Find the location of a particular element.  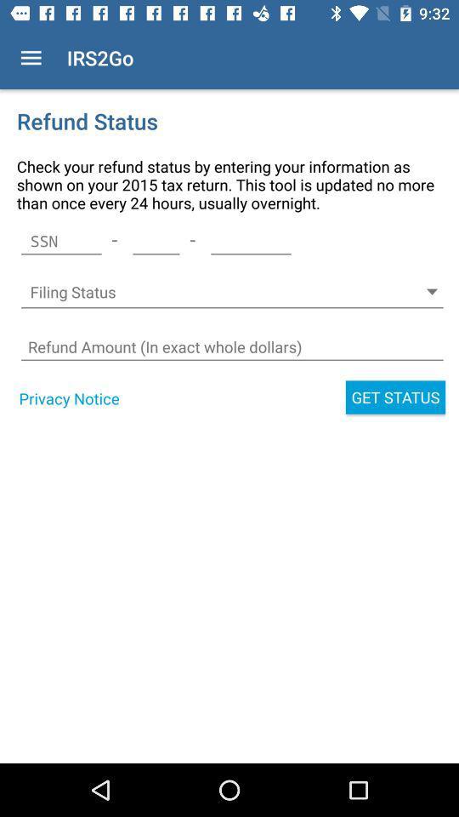

icon next to the get status item is located at coordinates (68, 398).